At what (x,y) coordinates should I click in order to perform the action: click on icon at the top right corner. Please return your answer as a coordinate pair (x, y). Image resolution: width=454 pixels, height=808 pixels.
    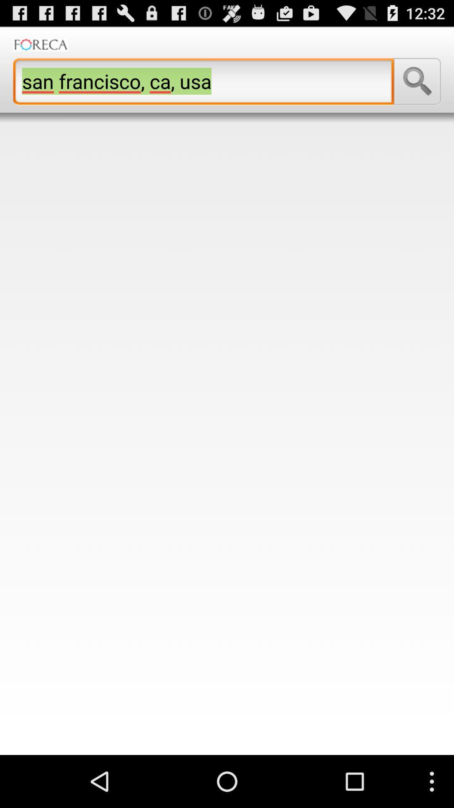
    Looking at the image, I should click on (417, 81).